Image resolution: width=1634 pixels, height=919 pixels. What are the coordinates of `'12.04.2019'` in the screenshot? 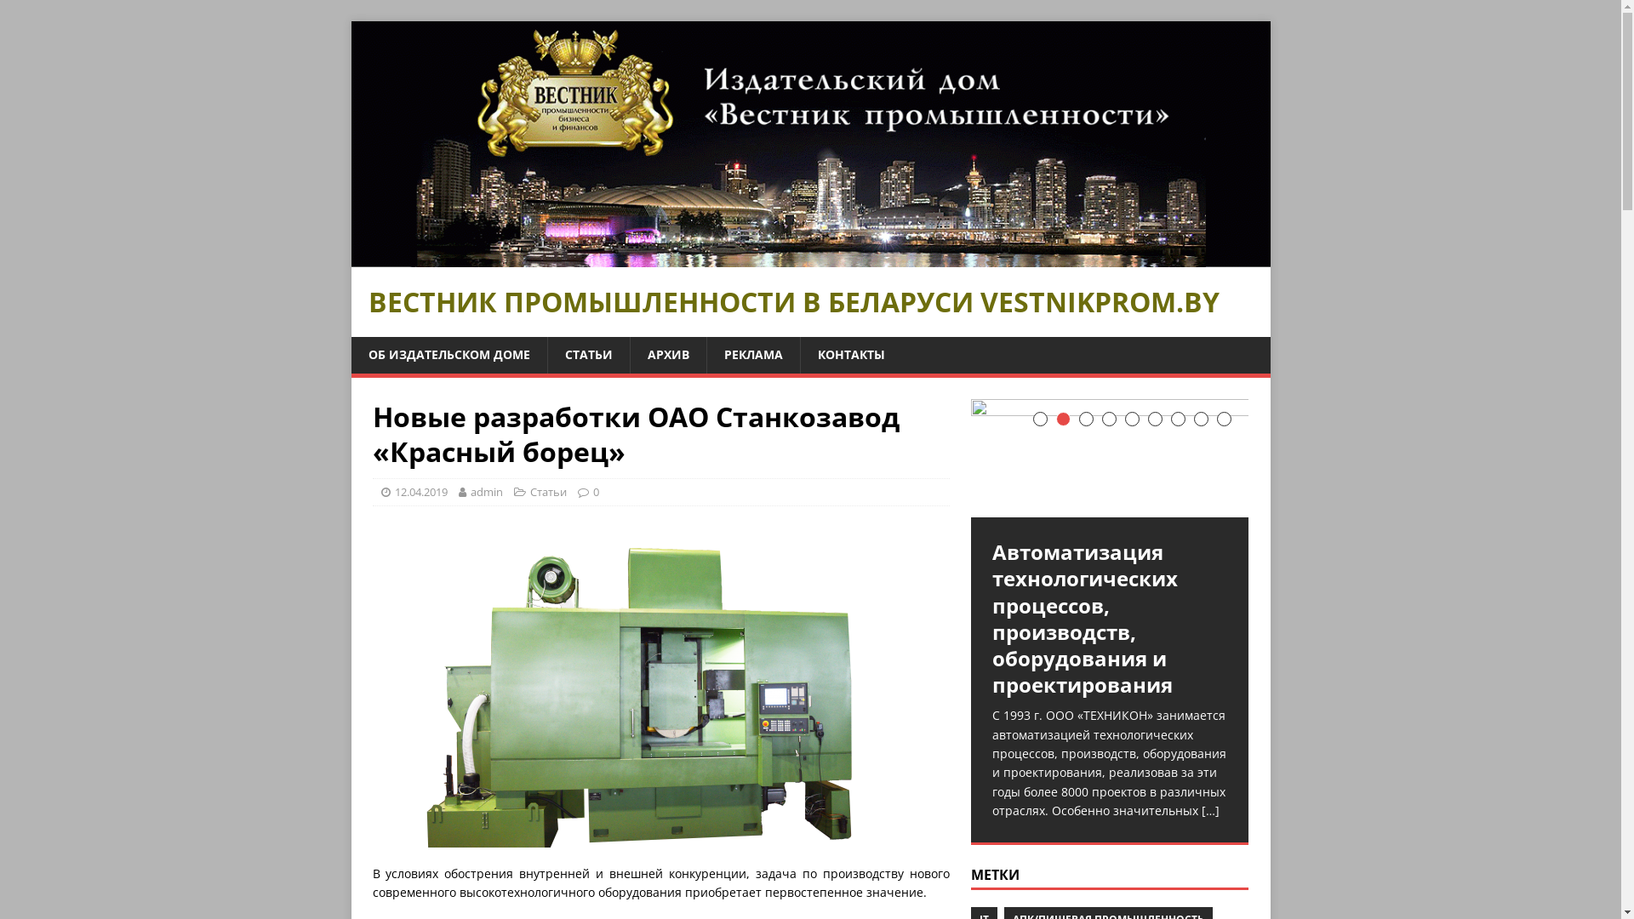 It's located at (420, 492).